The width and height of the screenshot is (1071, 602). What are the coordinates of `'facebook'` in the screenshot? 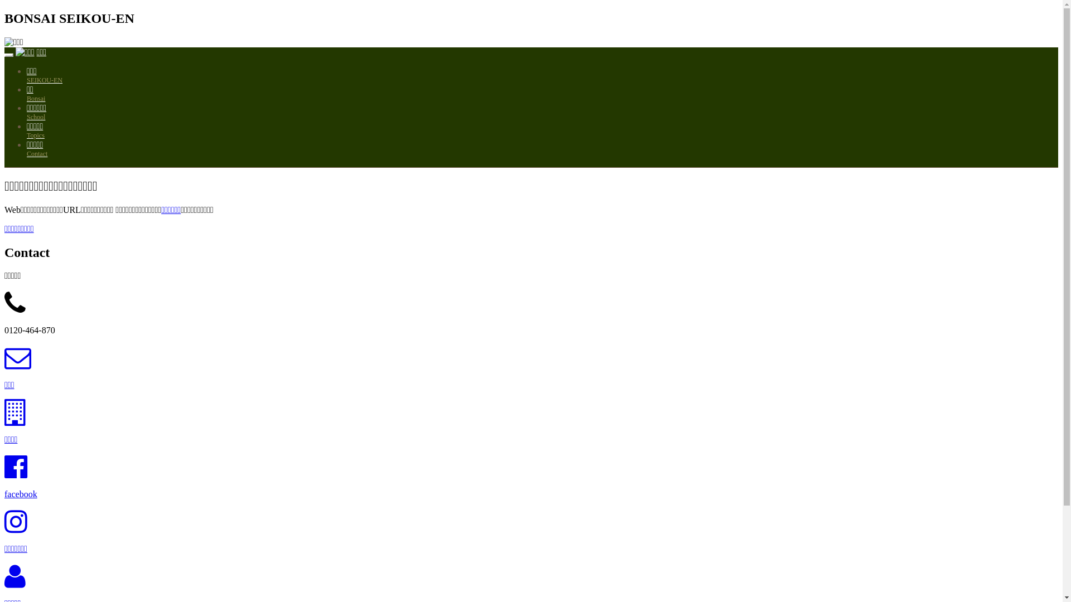 It's located at (21, 493).